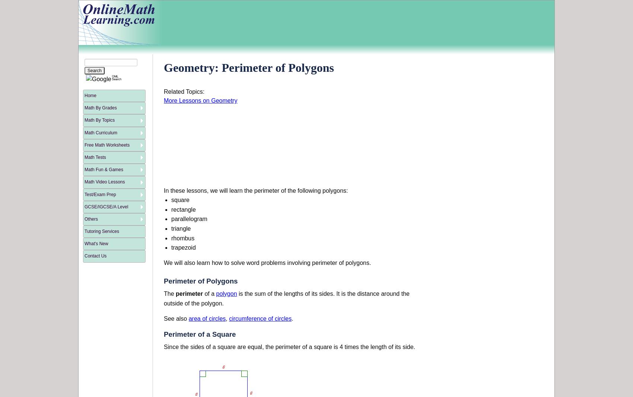  Describe the element at coordinates (227, 318) in the screenshot. I see `','` at that location.